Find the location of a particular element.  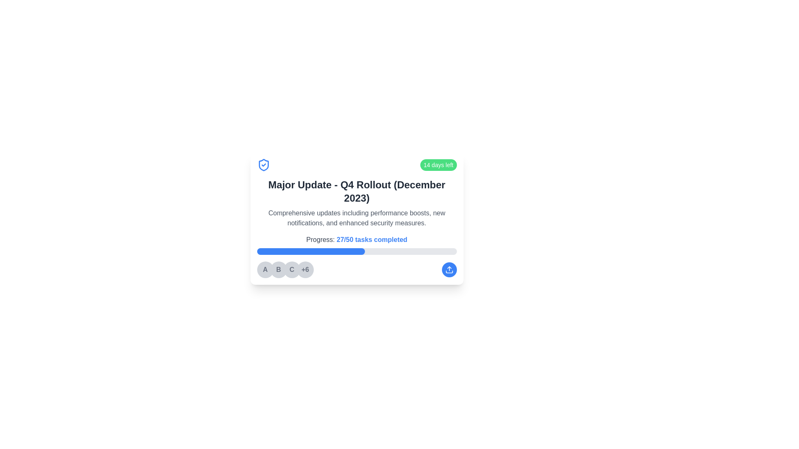

the text element that provides detailed descriptions about the updates, located below the title 'Major Update - Q4 Rollout (December 2023)' and above the progress indicator bar is located at coordinates (357, 217).